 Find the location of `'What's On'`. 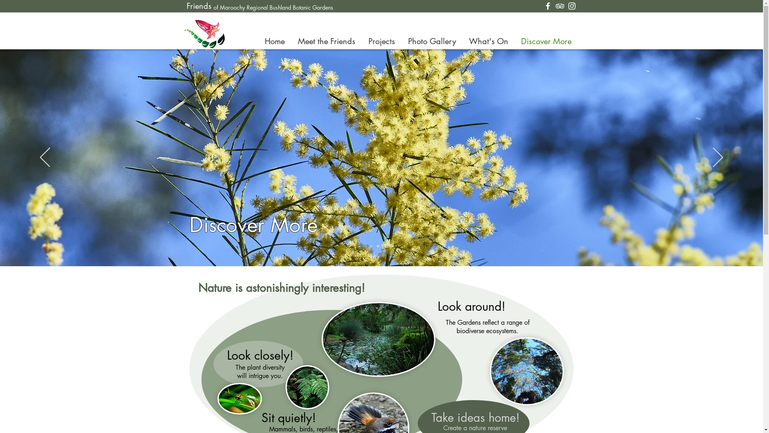

'What's On' is located at coordinates (488, 41).